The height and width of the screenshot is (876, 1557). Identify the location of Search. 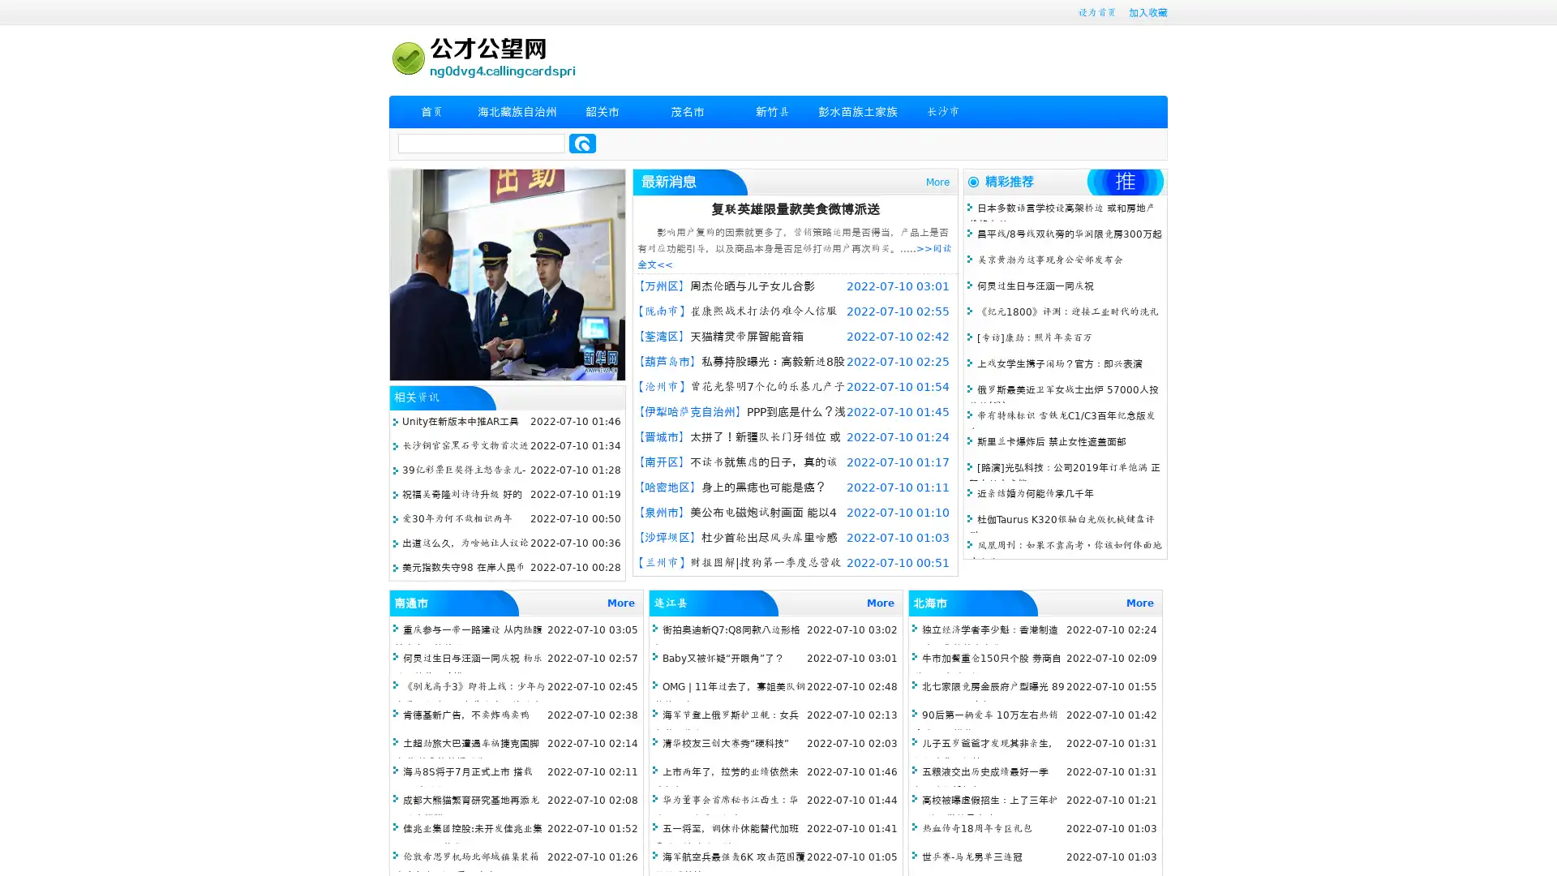
(582, 143).